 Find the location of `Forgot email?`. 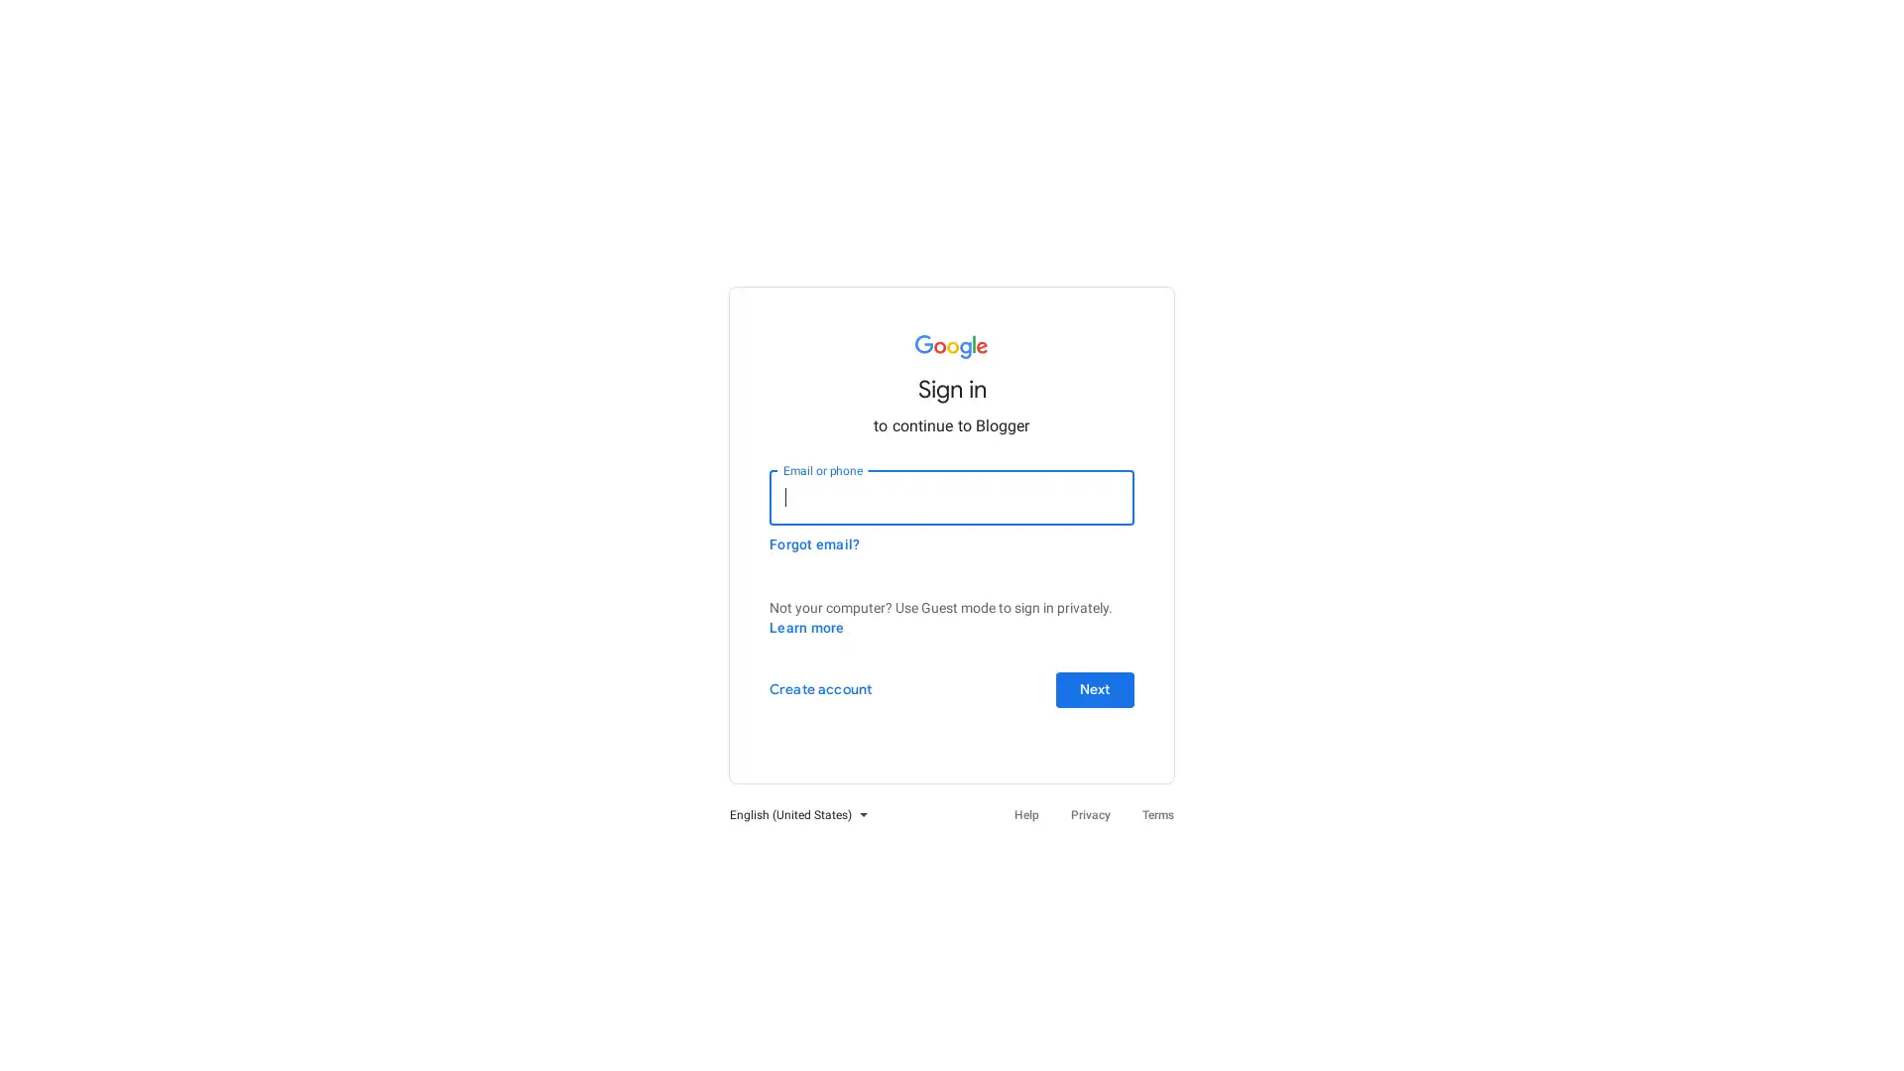

Forgot email? is located at coordinates (814, 542).